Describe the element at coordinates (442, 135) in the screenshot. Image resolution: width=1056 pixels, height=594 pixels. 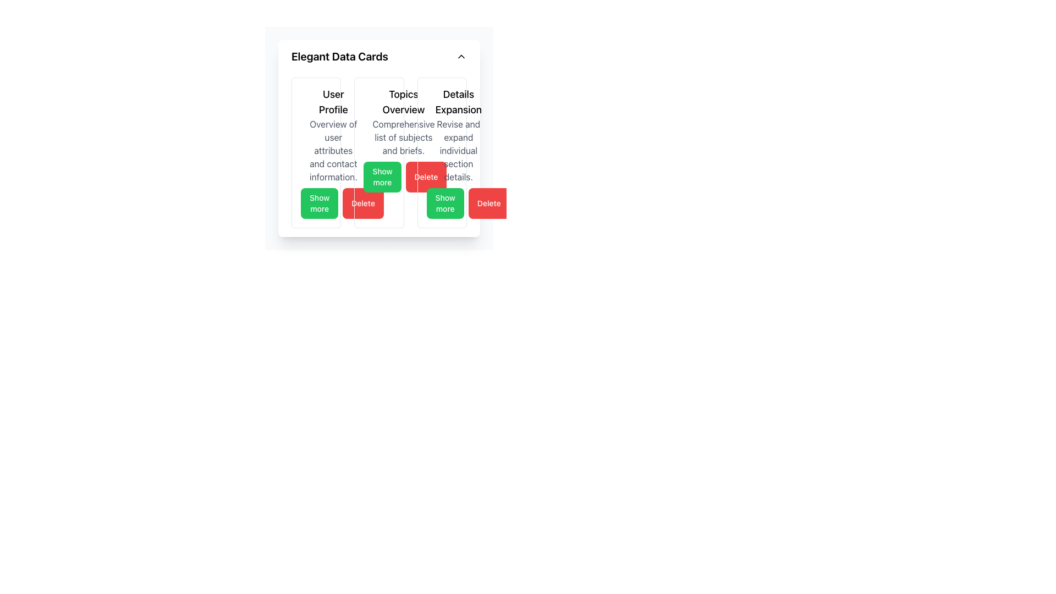
I see `text from the Informational Text Block titled 'Details Expansion', which contains the description 'Revise and expand individual section details.'` at that location.